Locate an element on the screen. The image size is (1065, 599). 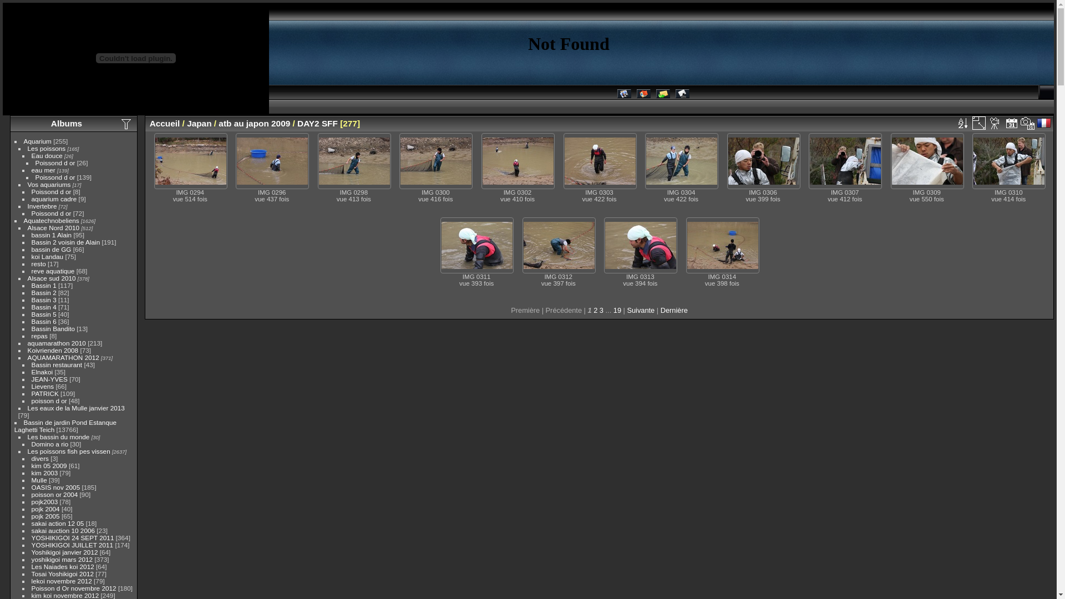
'Ordre de tri' is located at coordinates (961, 123).